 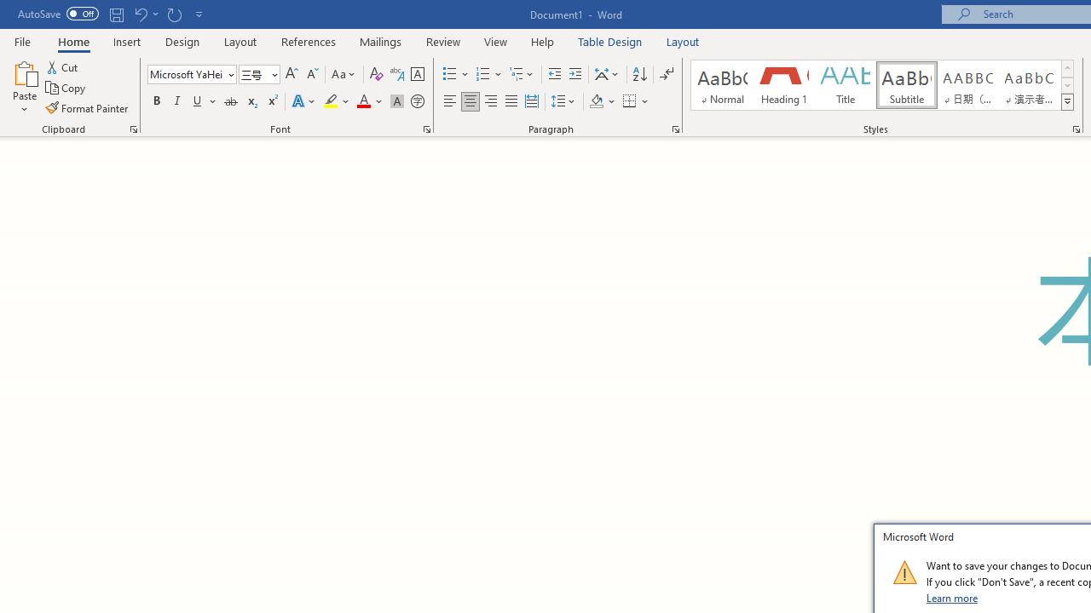 I want to click on 'Shrink Font', so click(x=312, y=73).